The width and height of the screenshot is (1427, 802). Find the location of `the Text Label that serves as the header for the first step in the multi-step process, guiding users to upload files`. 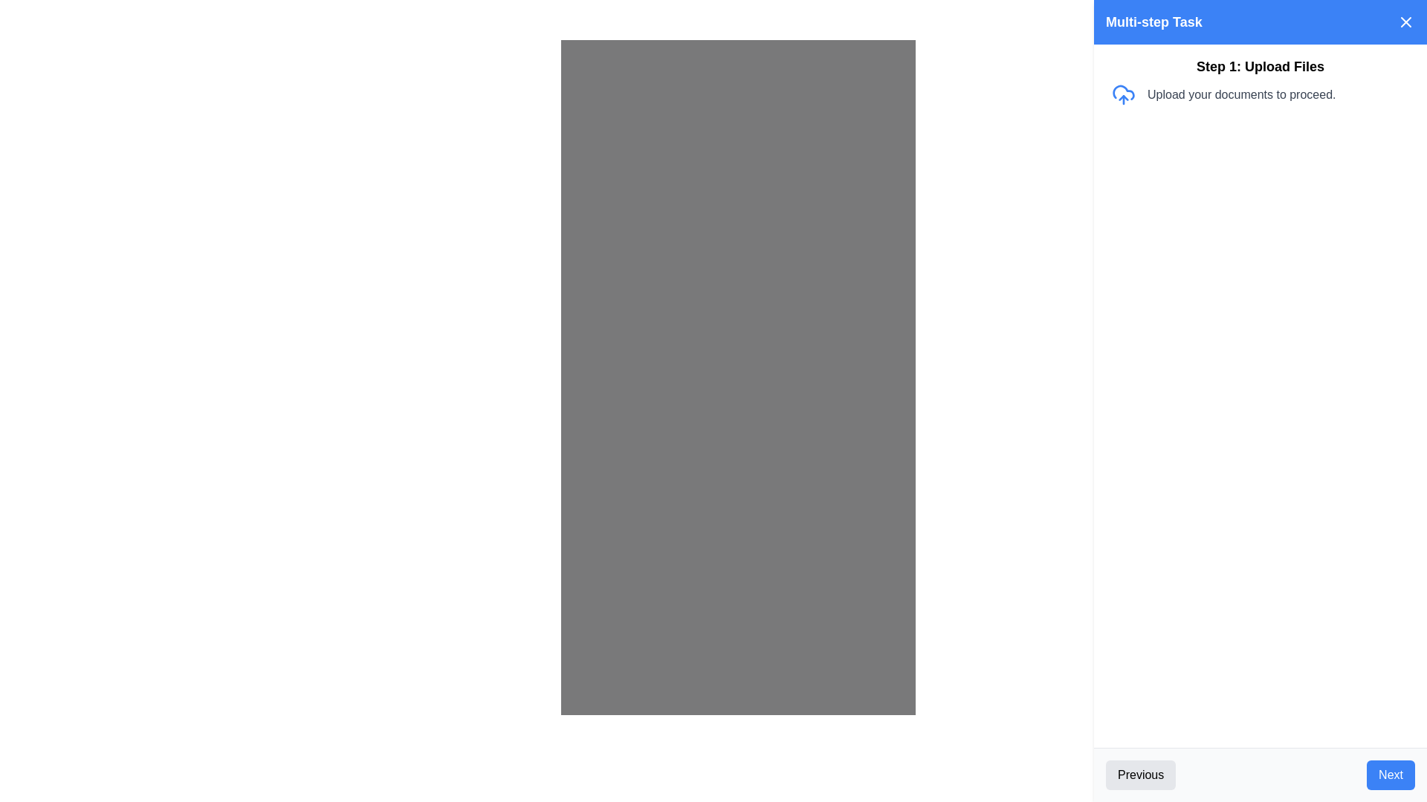

the Text Label that serves as the header for the first step in the multi-step process, guiding users to upload files is located at coordinates (1259, 65).